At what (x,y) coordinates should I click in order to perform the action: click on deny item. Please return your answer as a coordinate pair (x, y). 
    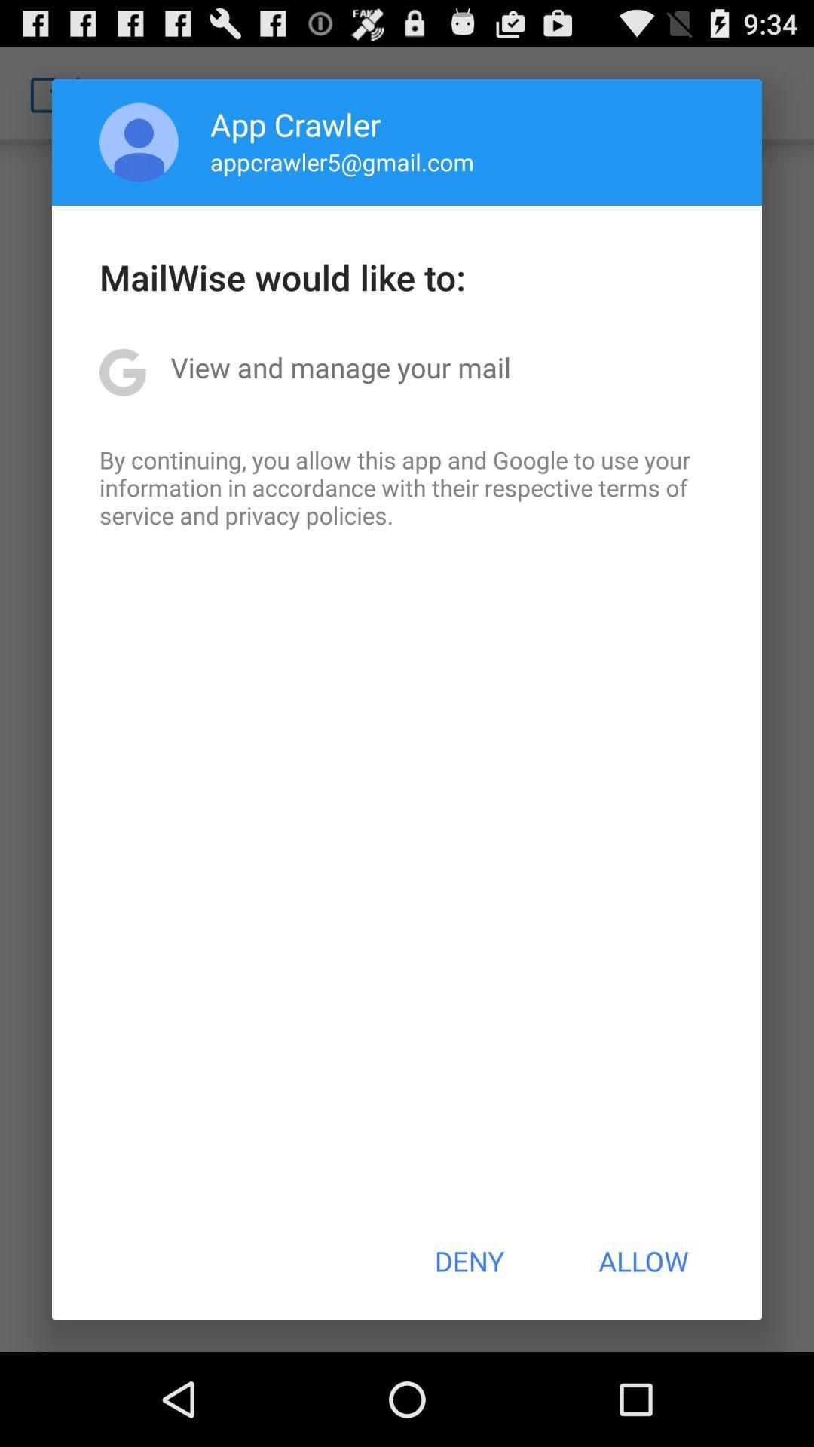
    Looking at the image, I should click on (468, 1261).